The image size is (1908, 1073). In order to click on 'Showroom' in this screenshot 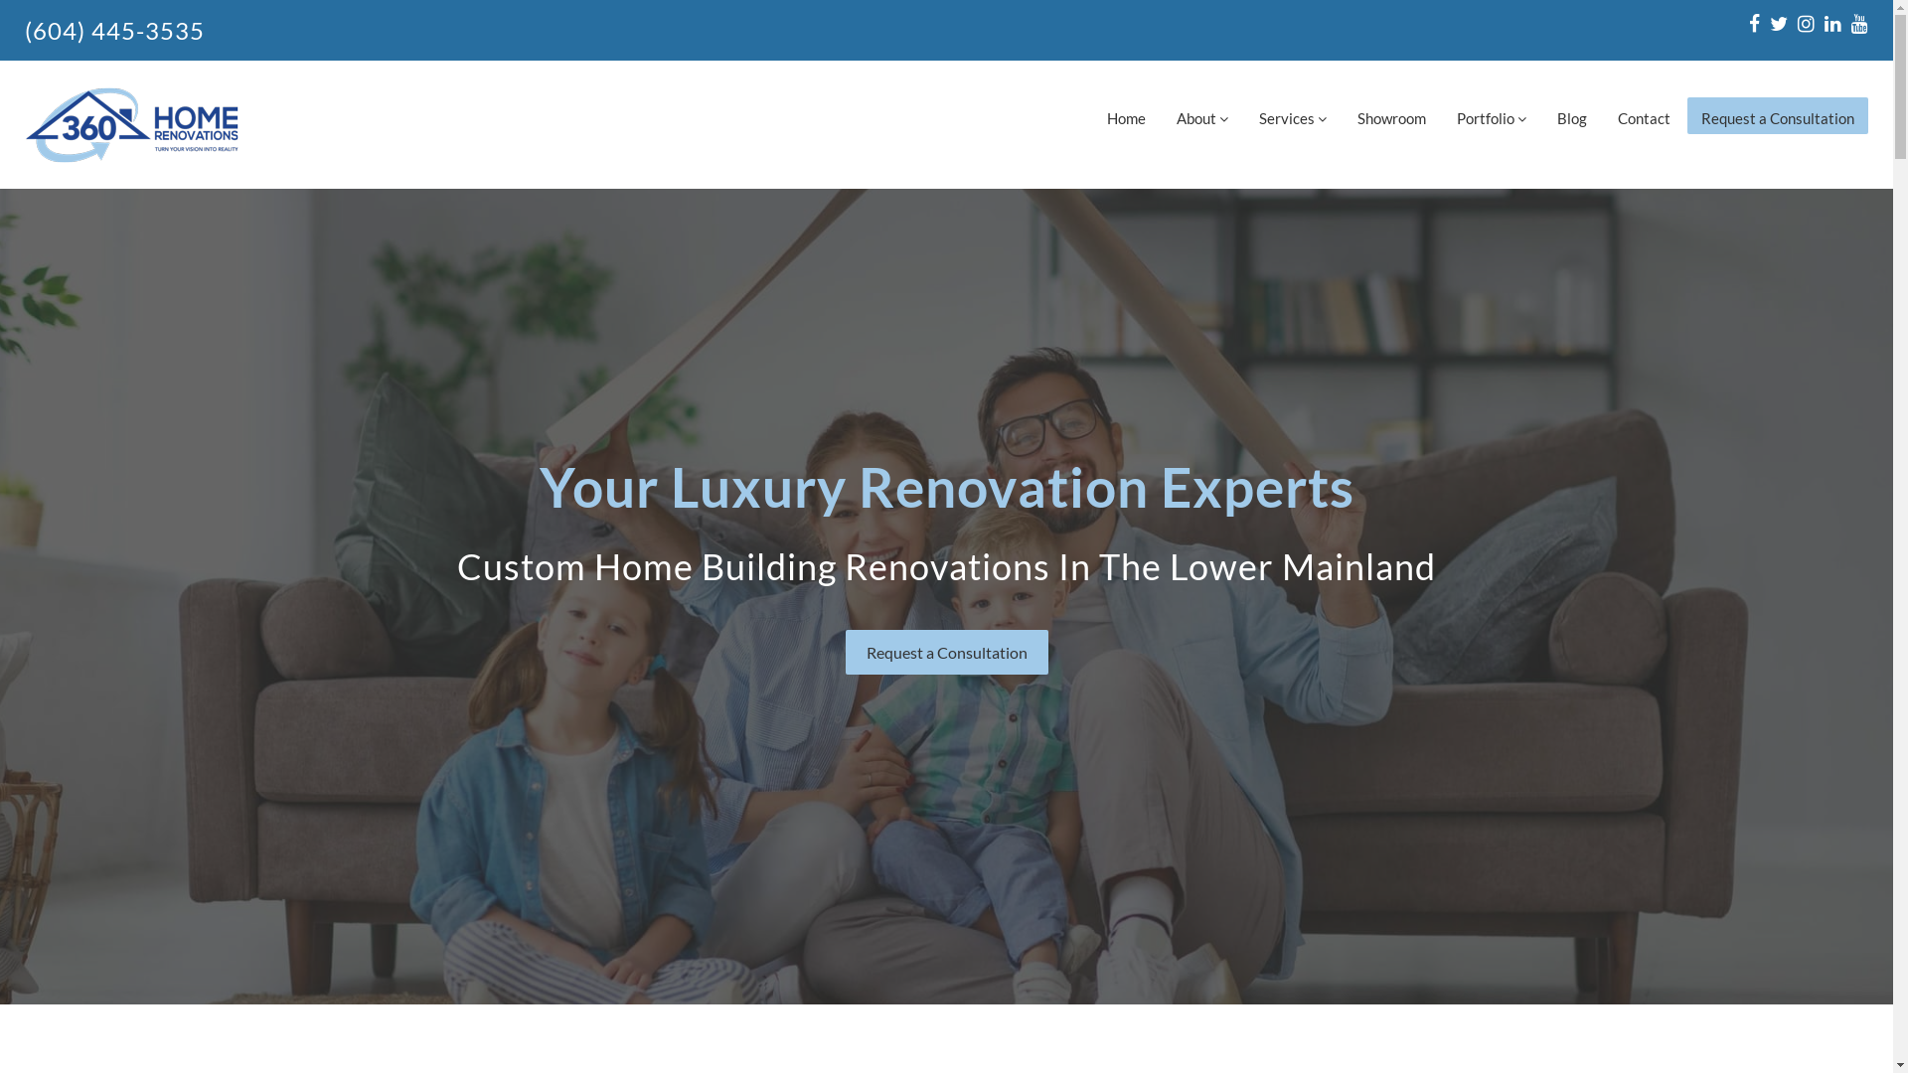, I will do `click(1390, 115)`.